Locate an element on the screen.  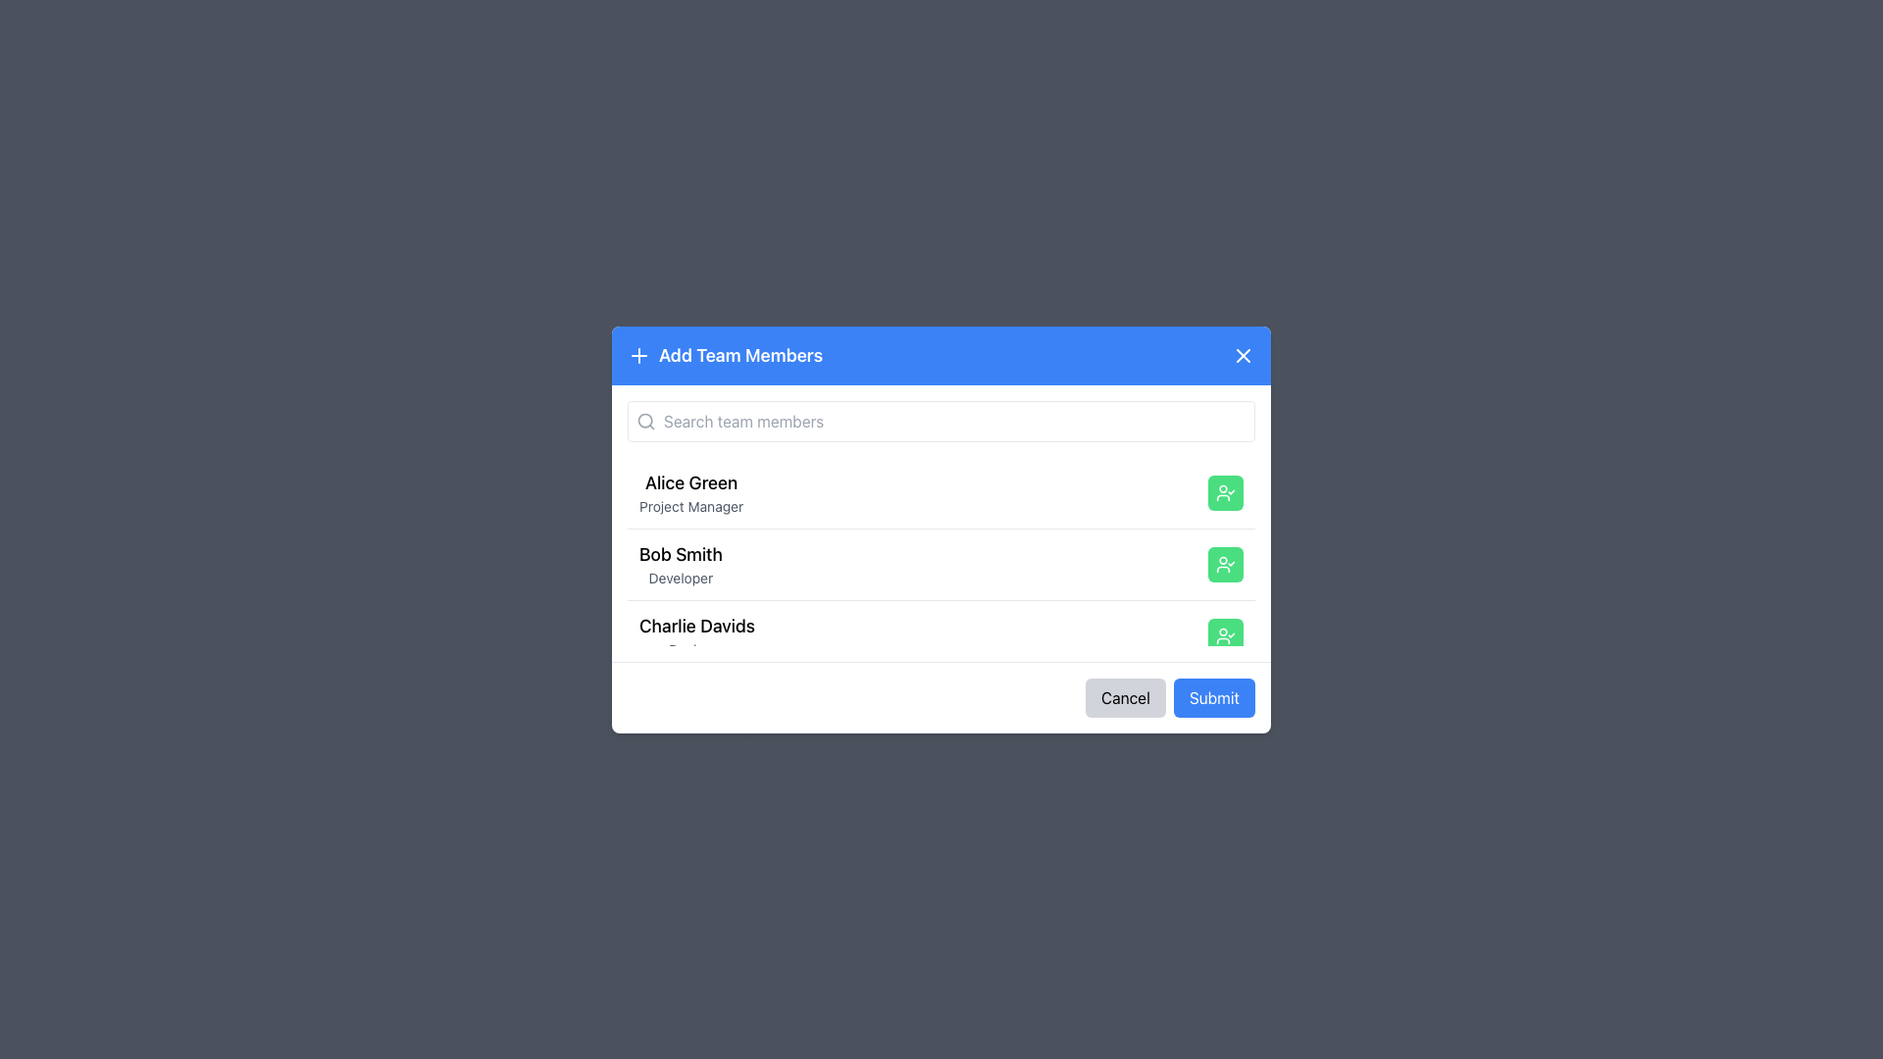
the user-check icon for 'Charlie Davids' in the 'Add Team Members' modal, which has a green background and features a user silhouette next to a checkmark is located at coordinates (1224, 635).